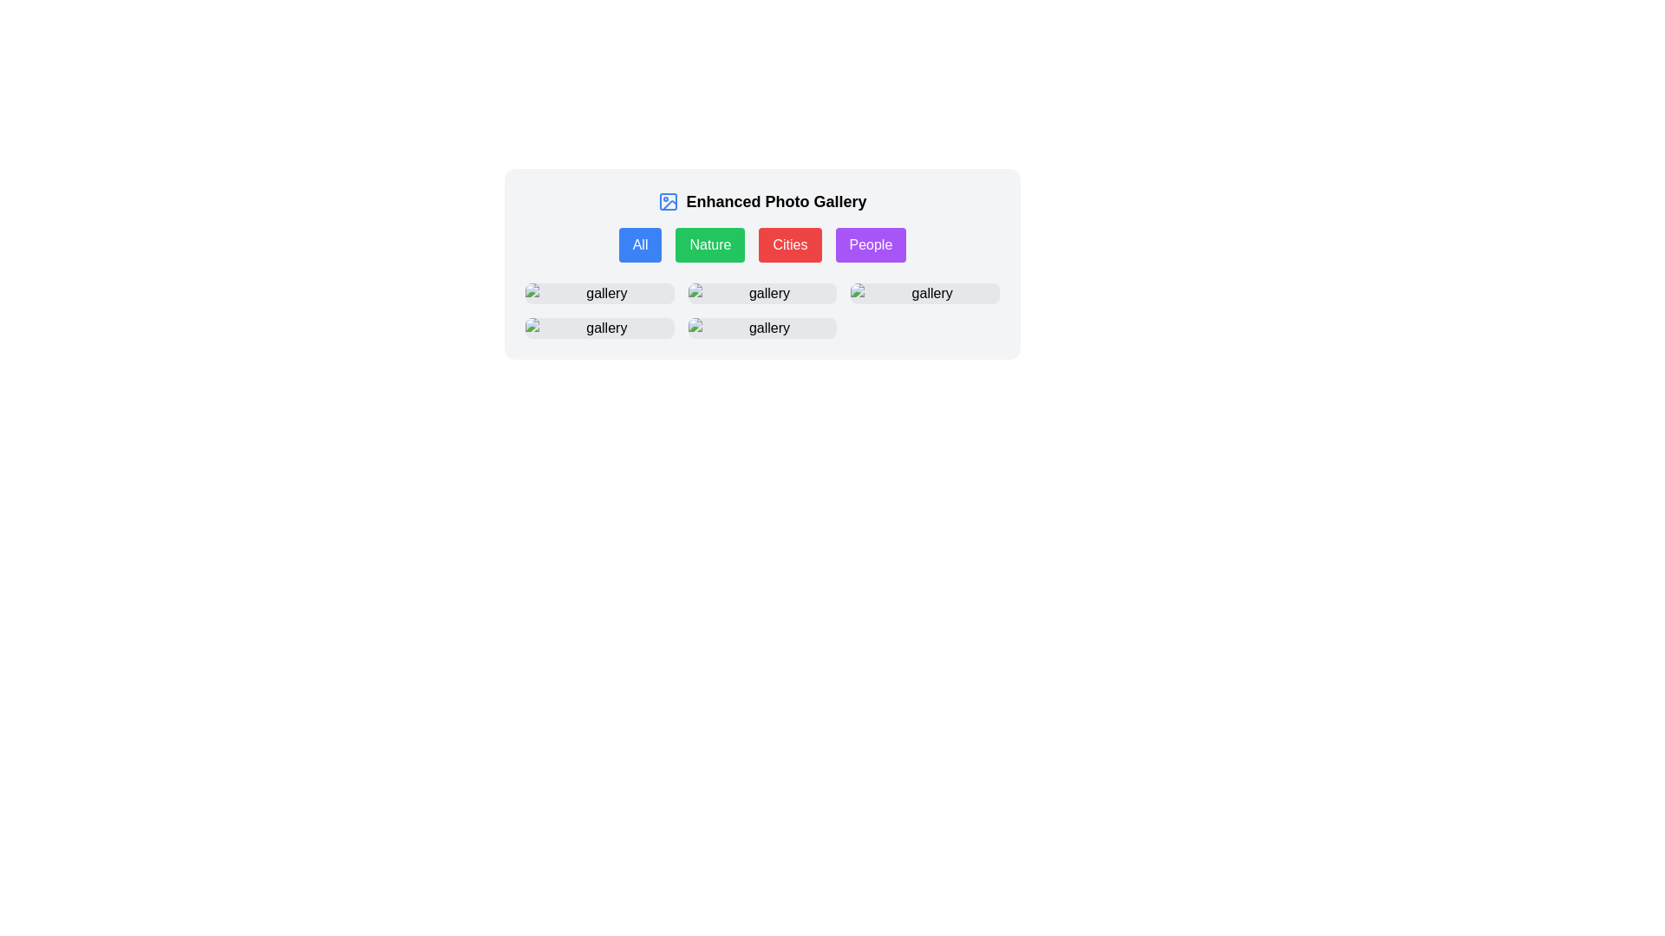 Image resolution: width=1665 pixels, height=936 pixels. I want to click on the red 'Cities' button with rounded corners, so click(789, 244).